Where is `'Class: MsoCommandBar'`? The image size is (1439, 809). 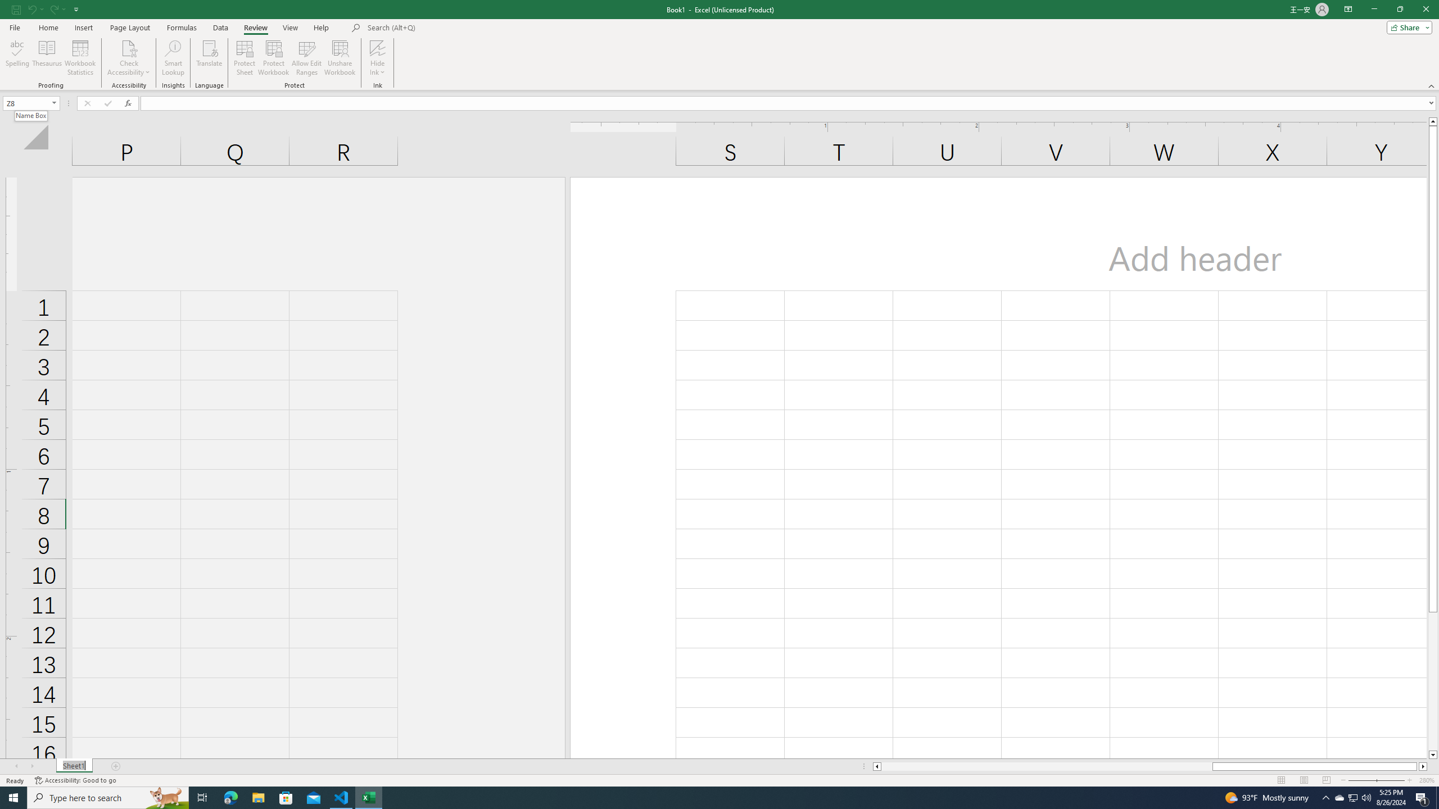 'Class: MsoCommandBar' is located at coordinates (719, 45).